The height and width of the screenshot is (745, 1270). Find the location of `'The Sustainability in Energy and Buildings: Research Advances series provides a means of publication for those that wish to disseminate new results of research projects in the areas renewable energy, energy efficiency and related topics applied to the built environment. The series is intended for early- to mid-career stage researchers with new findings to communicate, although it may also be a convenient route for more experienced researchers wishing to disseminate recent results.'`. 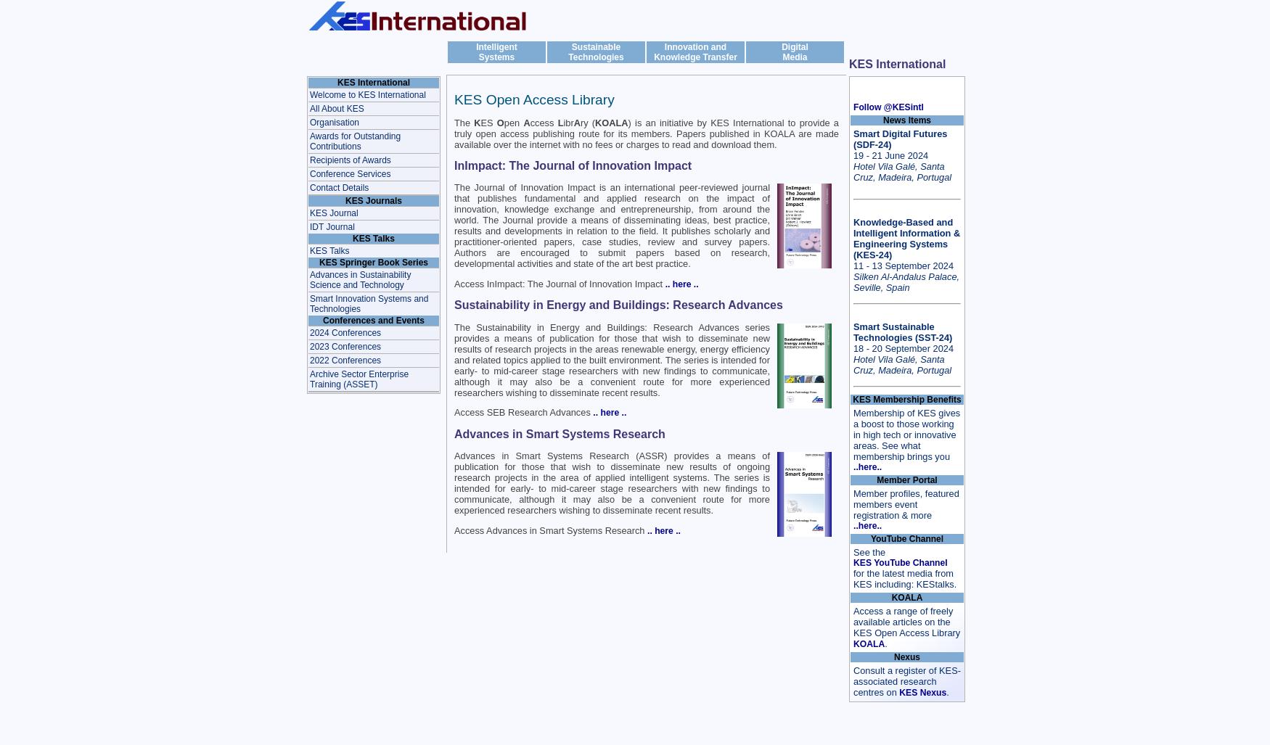

'The Sustainability in Energy and Buildings: Research Advances series provides a means of publication for those that wish to disseminate new results of research projects in the areas renewable energy, energy efficiency and related topics applied to the built environment. The series is intended for early- to mid-career stage researchers with new findings to communicate, although it may also be a convenient route for more experienced researchers wishing to disseminate recent results.' is located at coordinates (612, 359).